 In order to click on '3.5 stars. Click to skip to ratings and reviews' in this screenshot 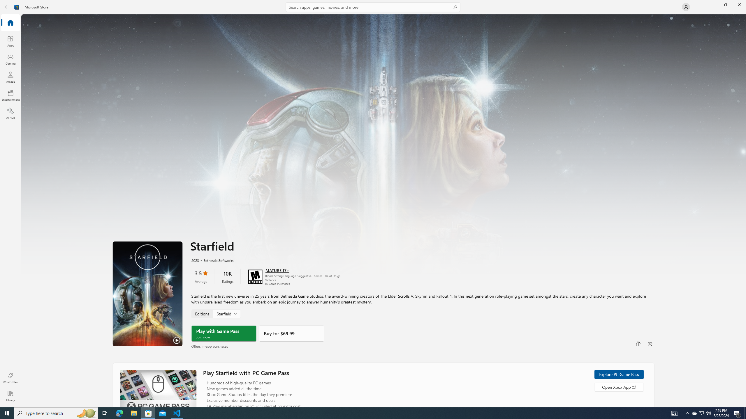, I will do `click(200, 276)`.